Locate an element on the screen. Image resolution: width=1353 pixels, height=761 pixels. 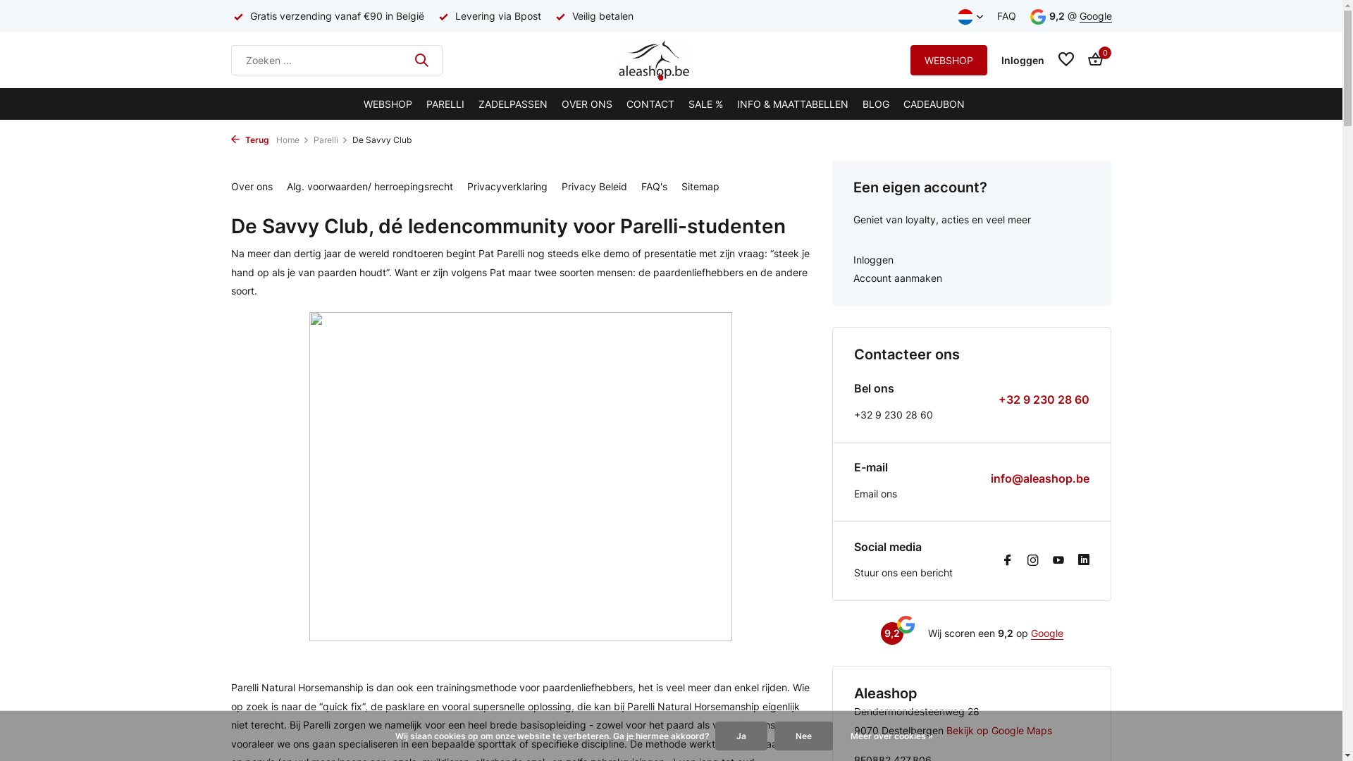
'SALE %' is located at coordinates (705, 103).